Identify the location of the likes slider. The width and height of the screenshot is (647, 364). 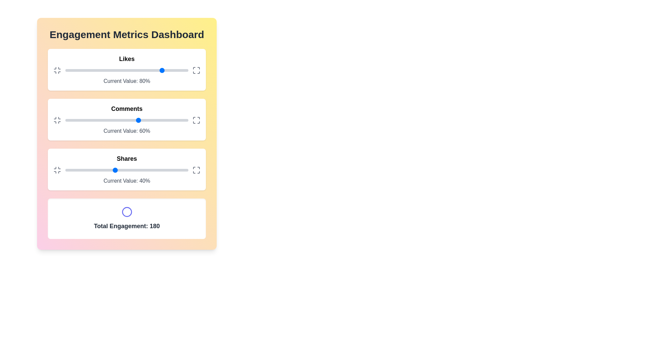
(82, 70).